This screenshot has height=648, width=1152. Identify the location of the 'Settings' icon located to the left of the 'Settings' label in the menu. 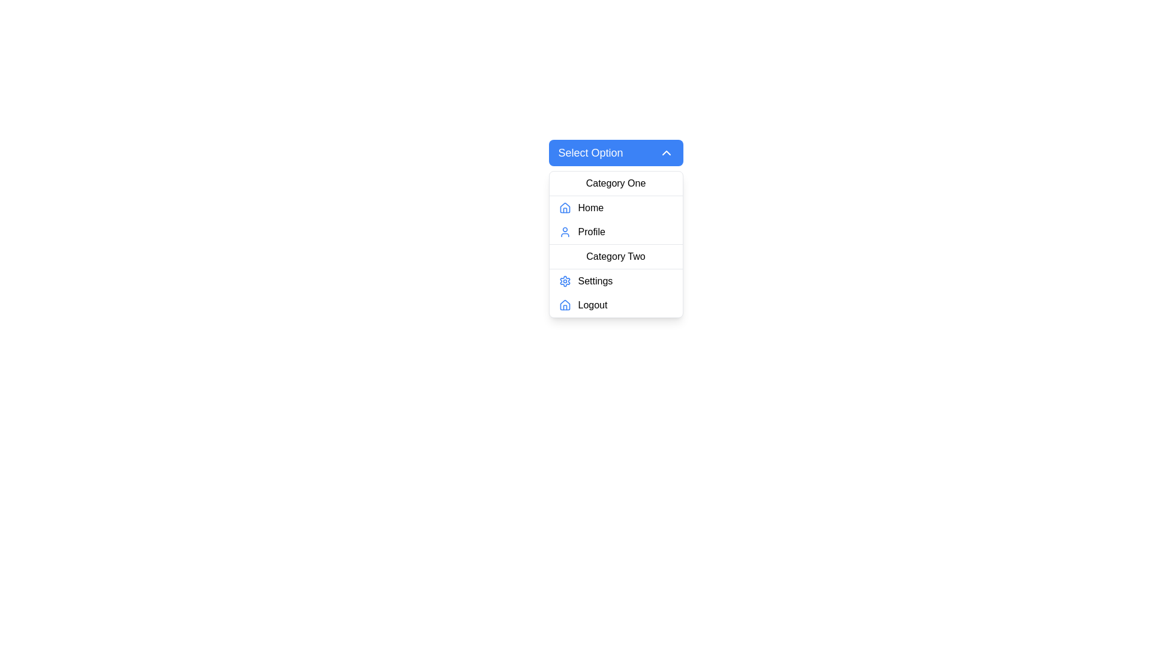
(564, 281).